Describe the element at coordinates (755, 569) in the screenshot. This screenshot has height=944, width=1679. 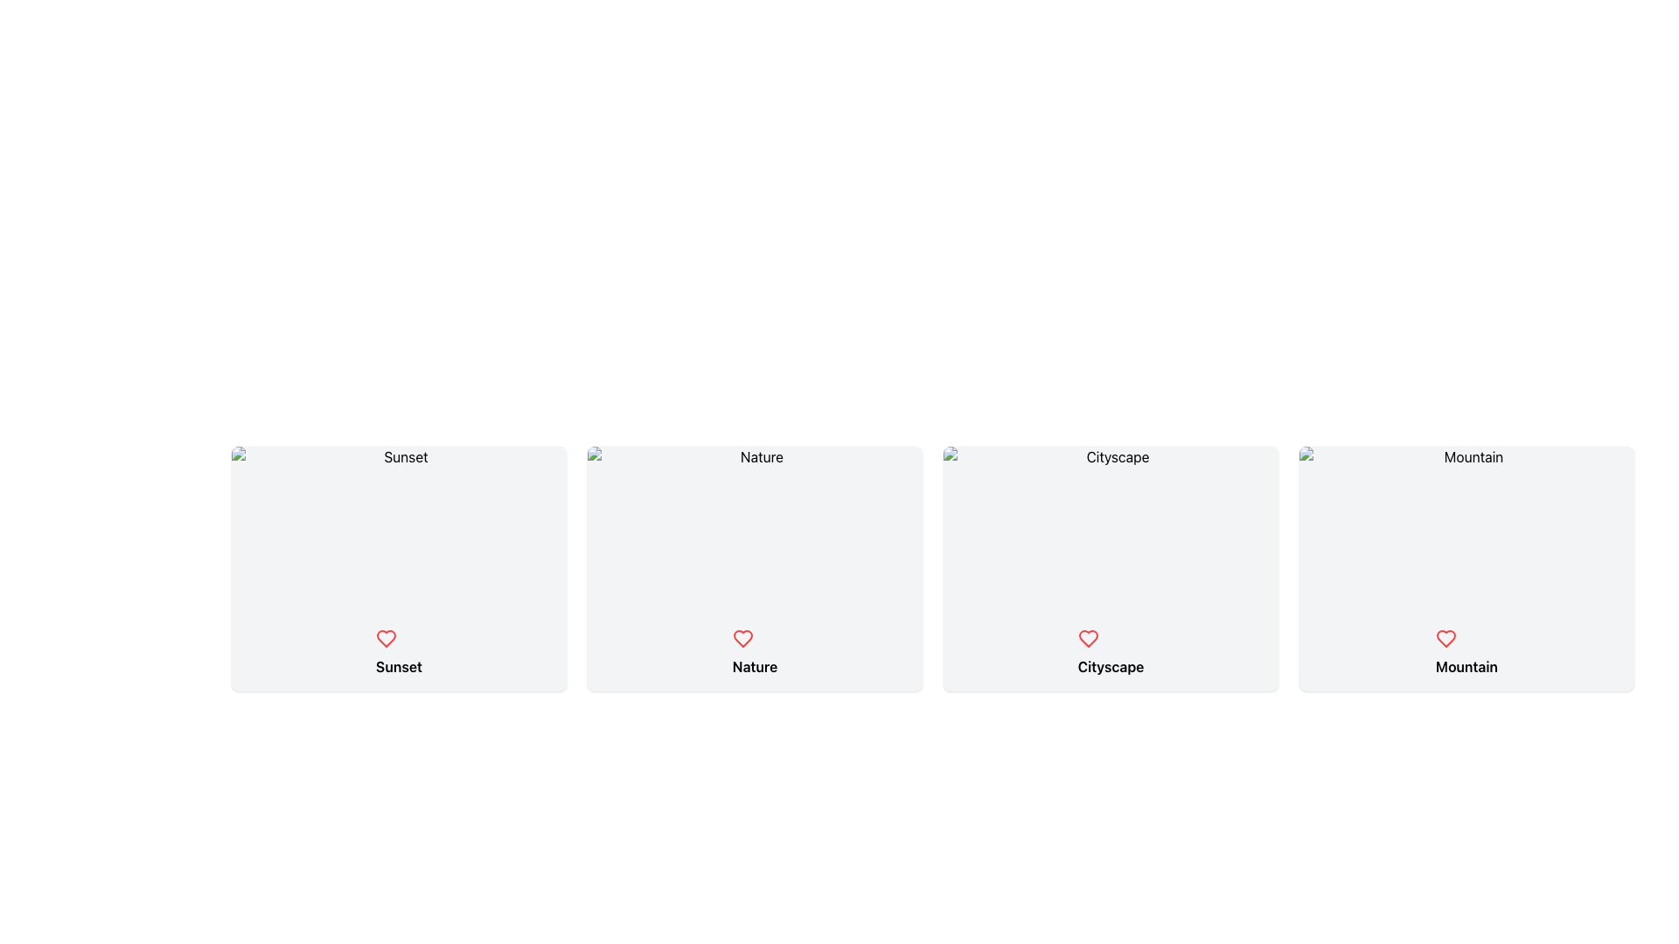
I see `to select the 'Nature' category card, which is the second card in a grid of four cards, positioned in the second column between the 'Sunset' and 'Cityscape' cards` at that location.